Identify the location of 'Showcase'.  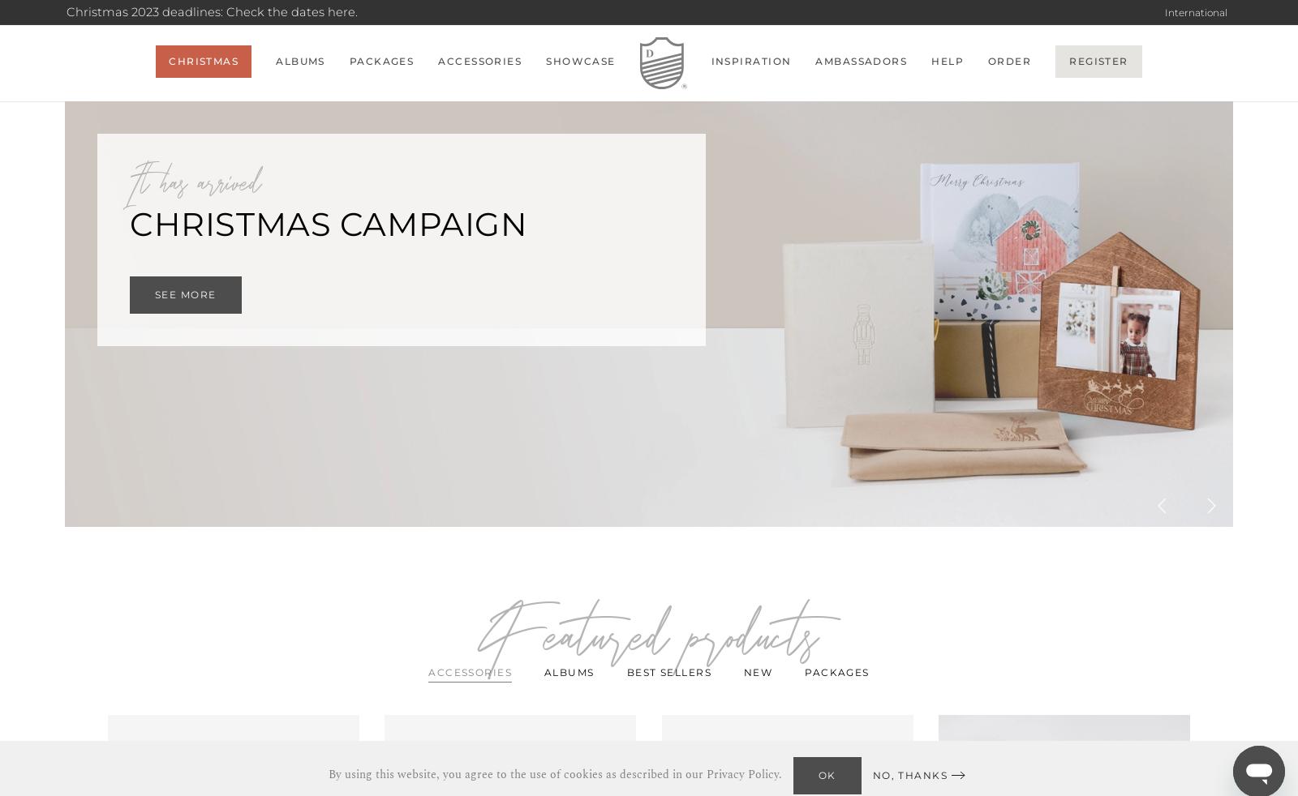
(545, 59).